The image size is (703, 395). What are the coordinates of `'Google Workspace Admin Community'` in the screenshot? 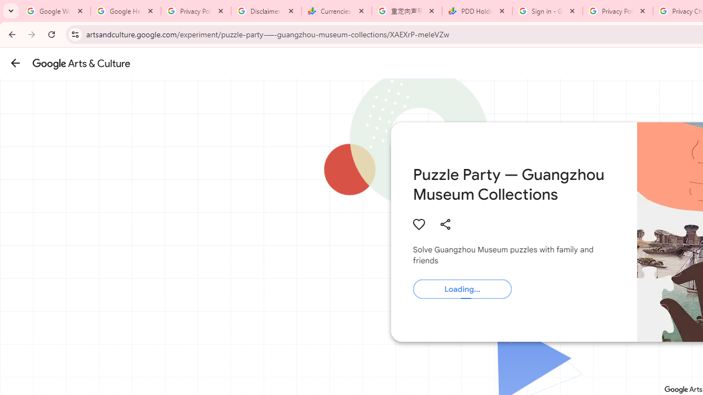 It's located at (55, 11).